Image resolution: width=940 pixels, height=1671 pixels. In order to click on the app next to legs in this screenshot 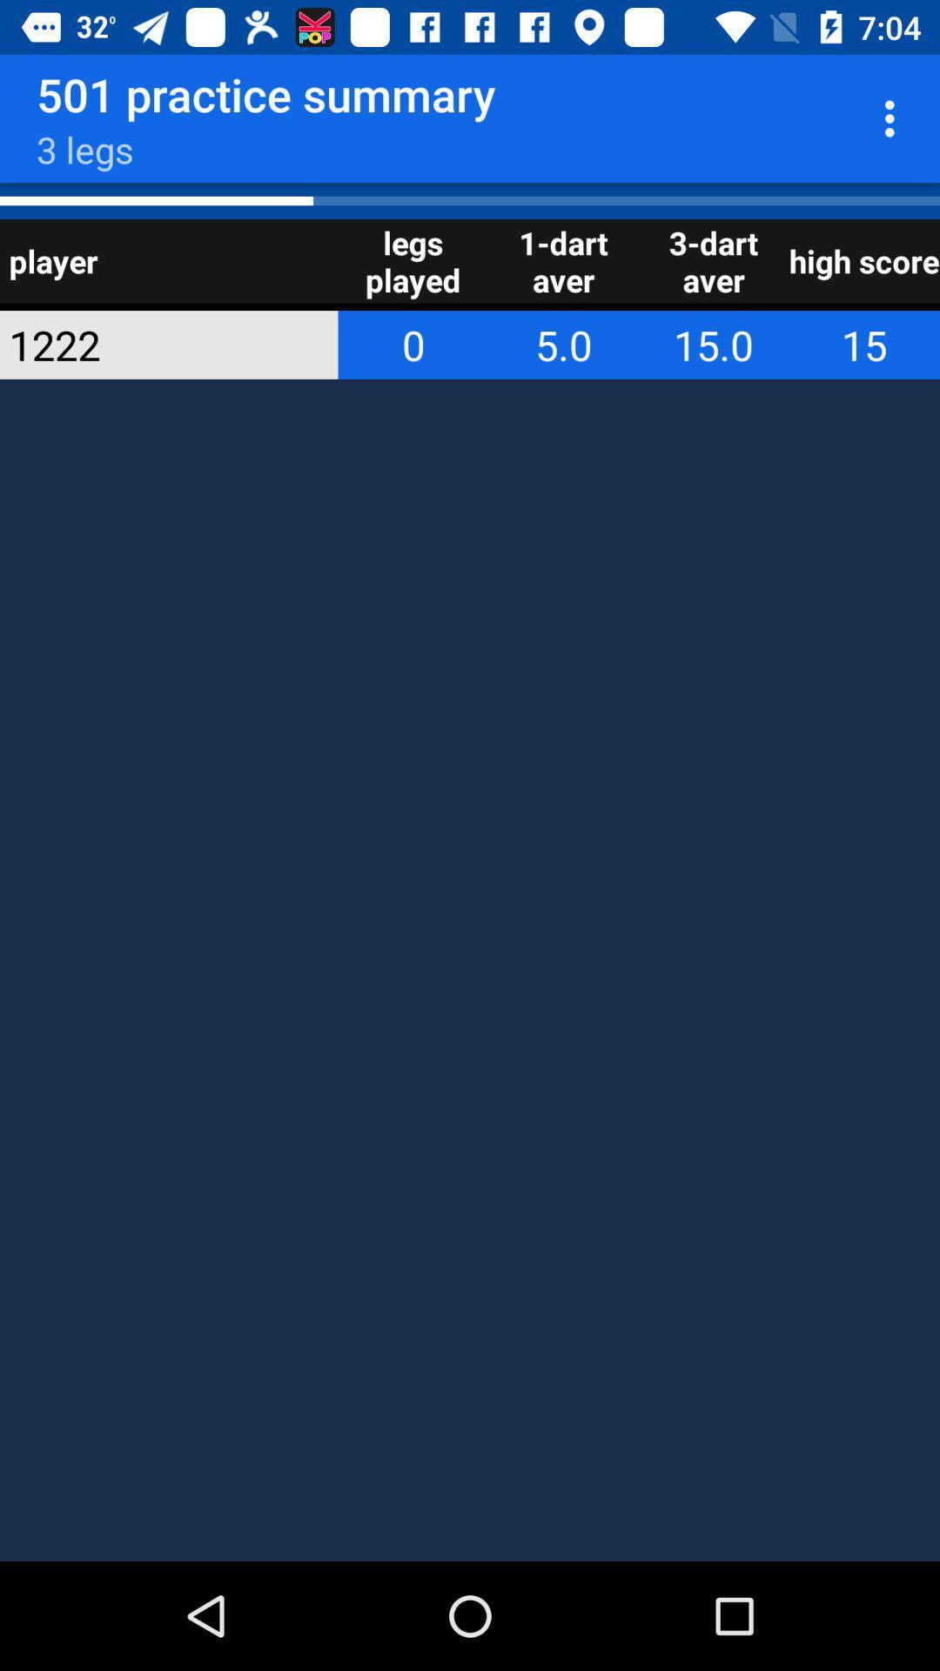, I will do `click(144, 345)`.